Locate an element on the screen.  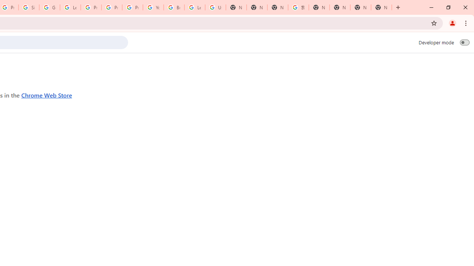
'Developer mode' is located at coordinates (464, 42).